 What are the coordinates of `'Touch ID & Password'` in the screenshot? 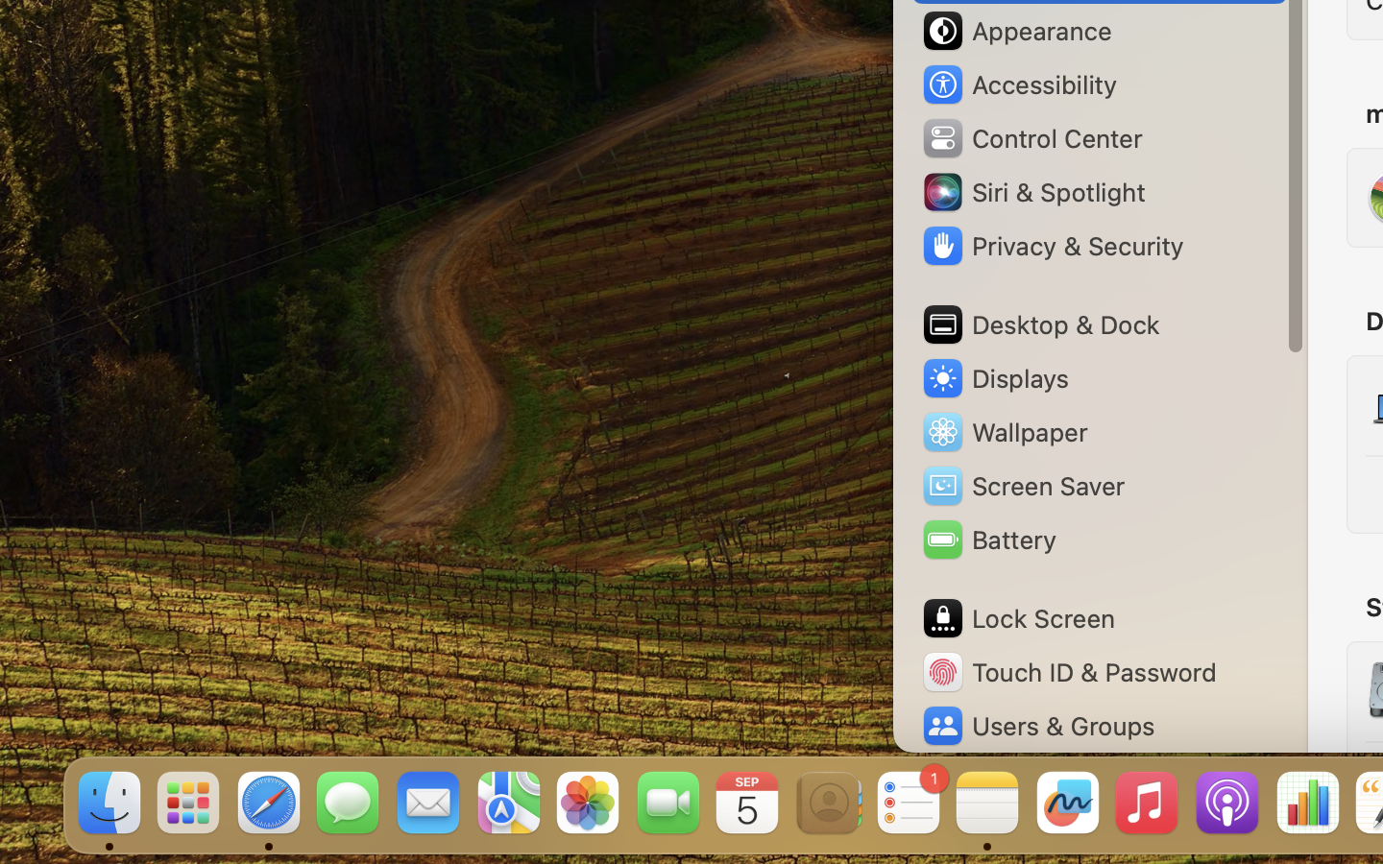 It's located at (1067, 671).